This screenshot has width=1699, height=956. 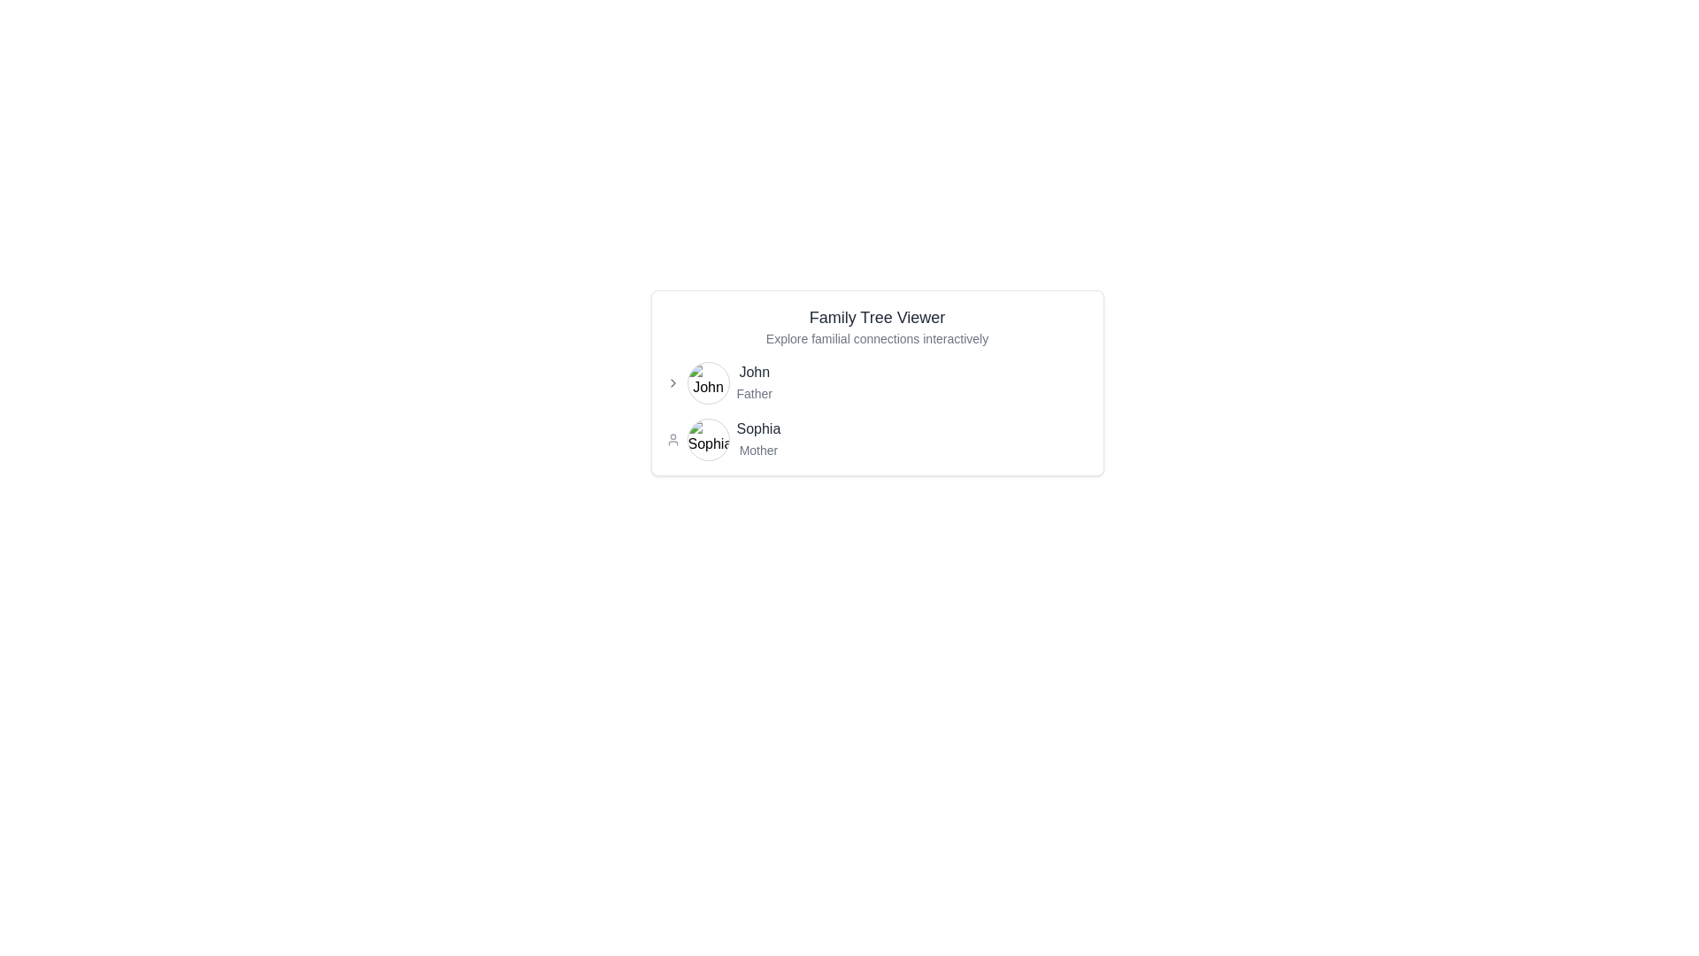 I want to click on the text label representing the name 'John', which identifies the corresponding node in the family tree viewer interface, so click(x=754, y=371).